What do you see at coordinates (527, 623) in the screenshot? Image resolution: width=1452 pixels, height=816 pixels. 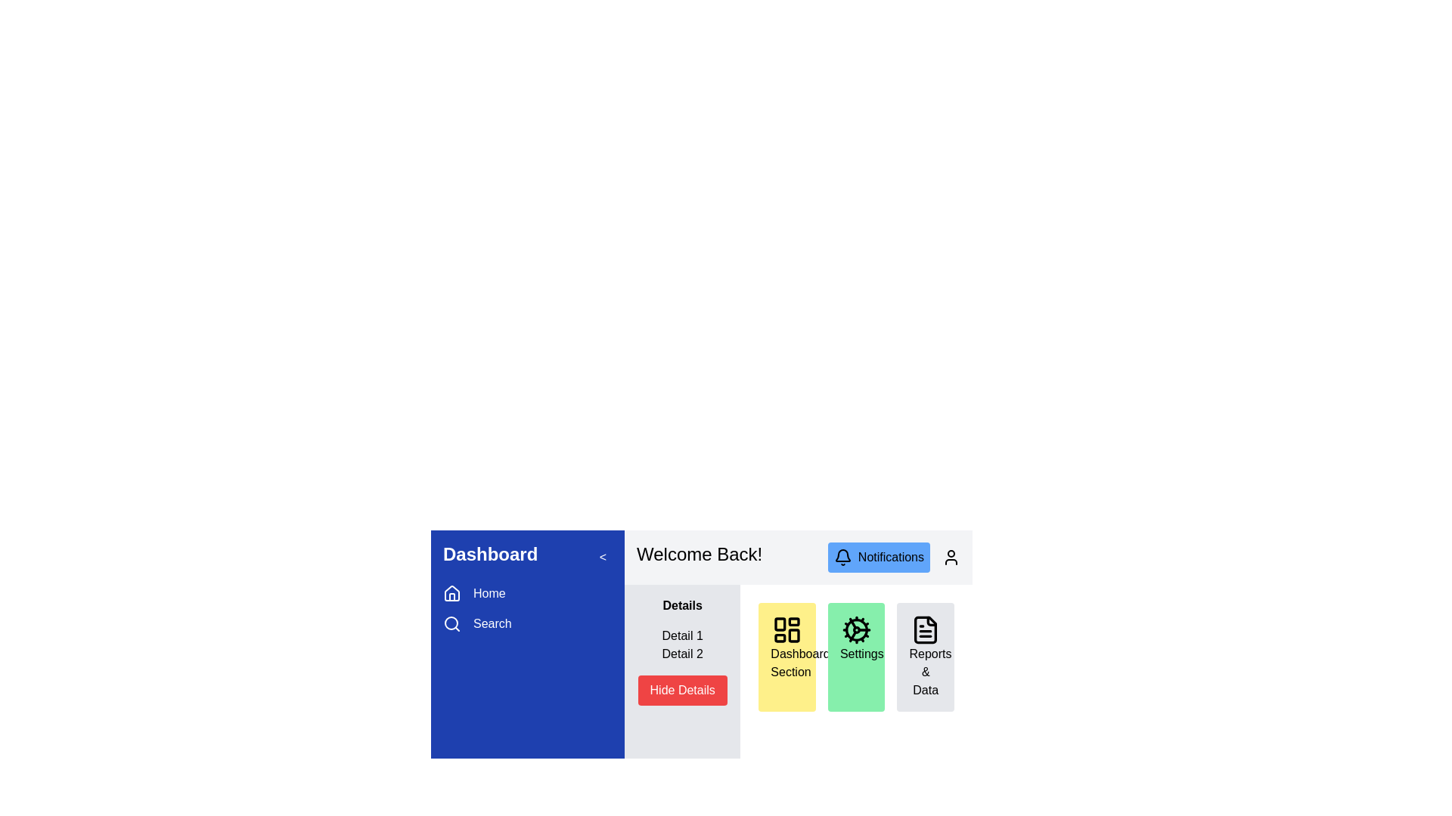 I see `the Navigation button displaying a search icon and the text 'Search' in white on a blue background, located in the left-side navigation bar below the 'Home' labeled element` at bounding box center [527, 623].